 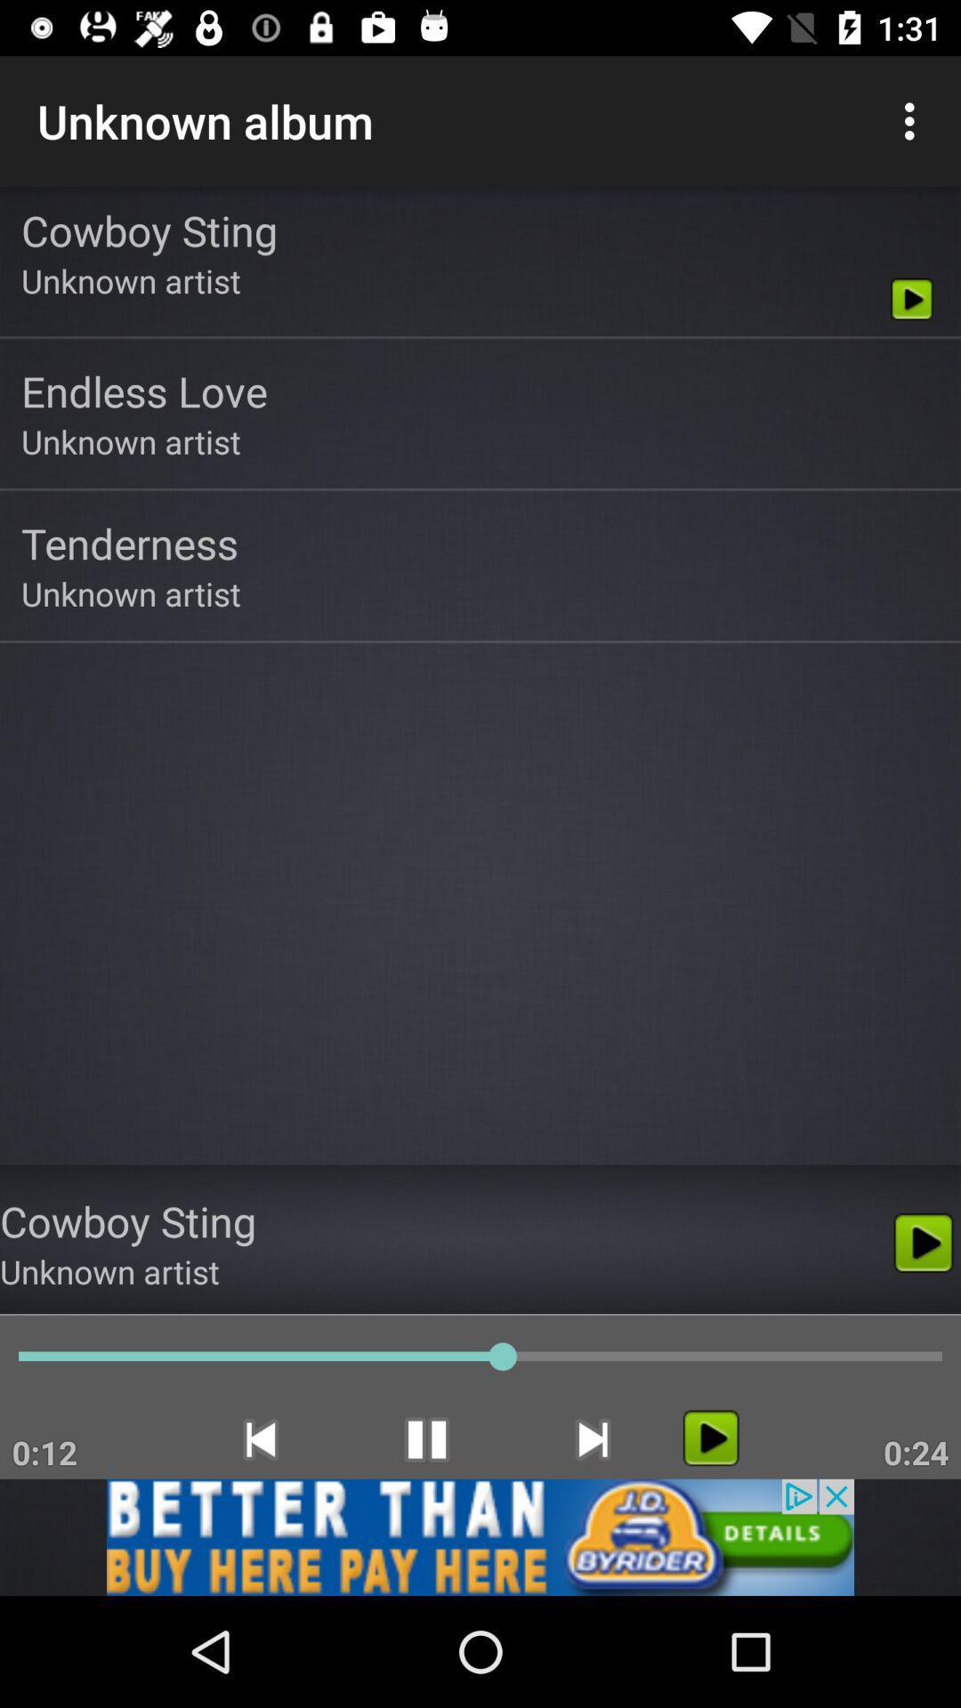 I want to click on the skip_next icon, so click(x=593, y=1439).